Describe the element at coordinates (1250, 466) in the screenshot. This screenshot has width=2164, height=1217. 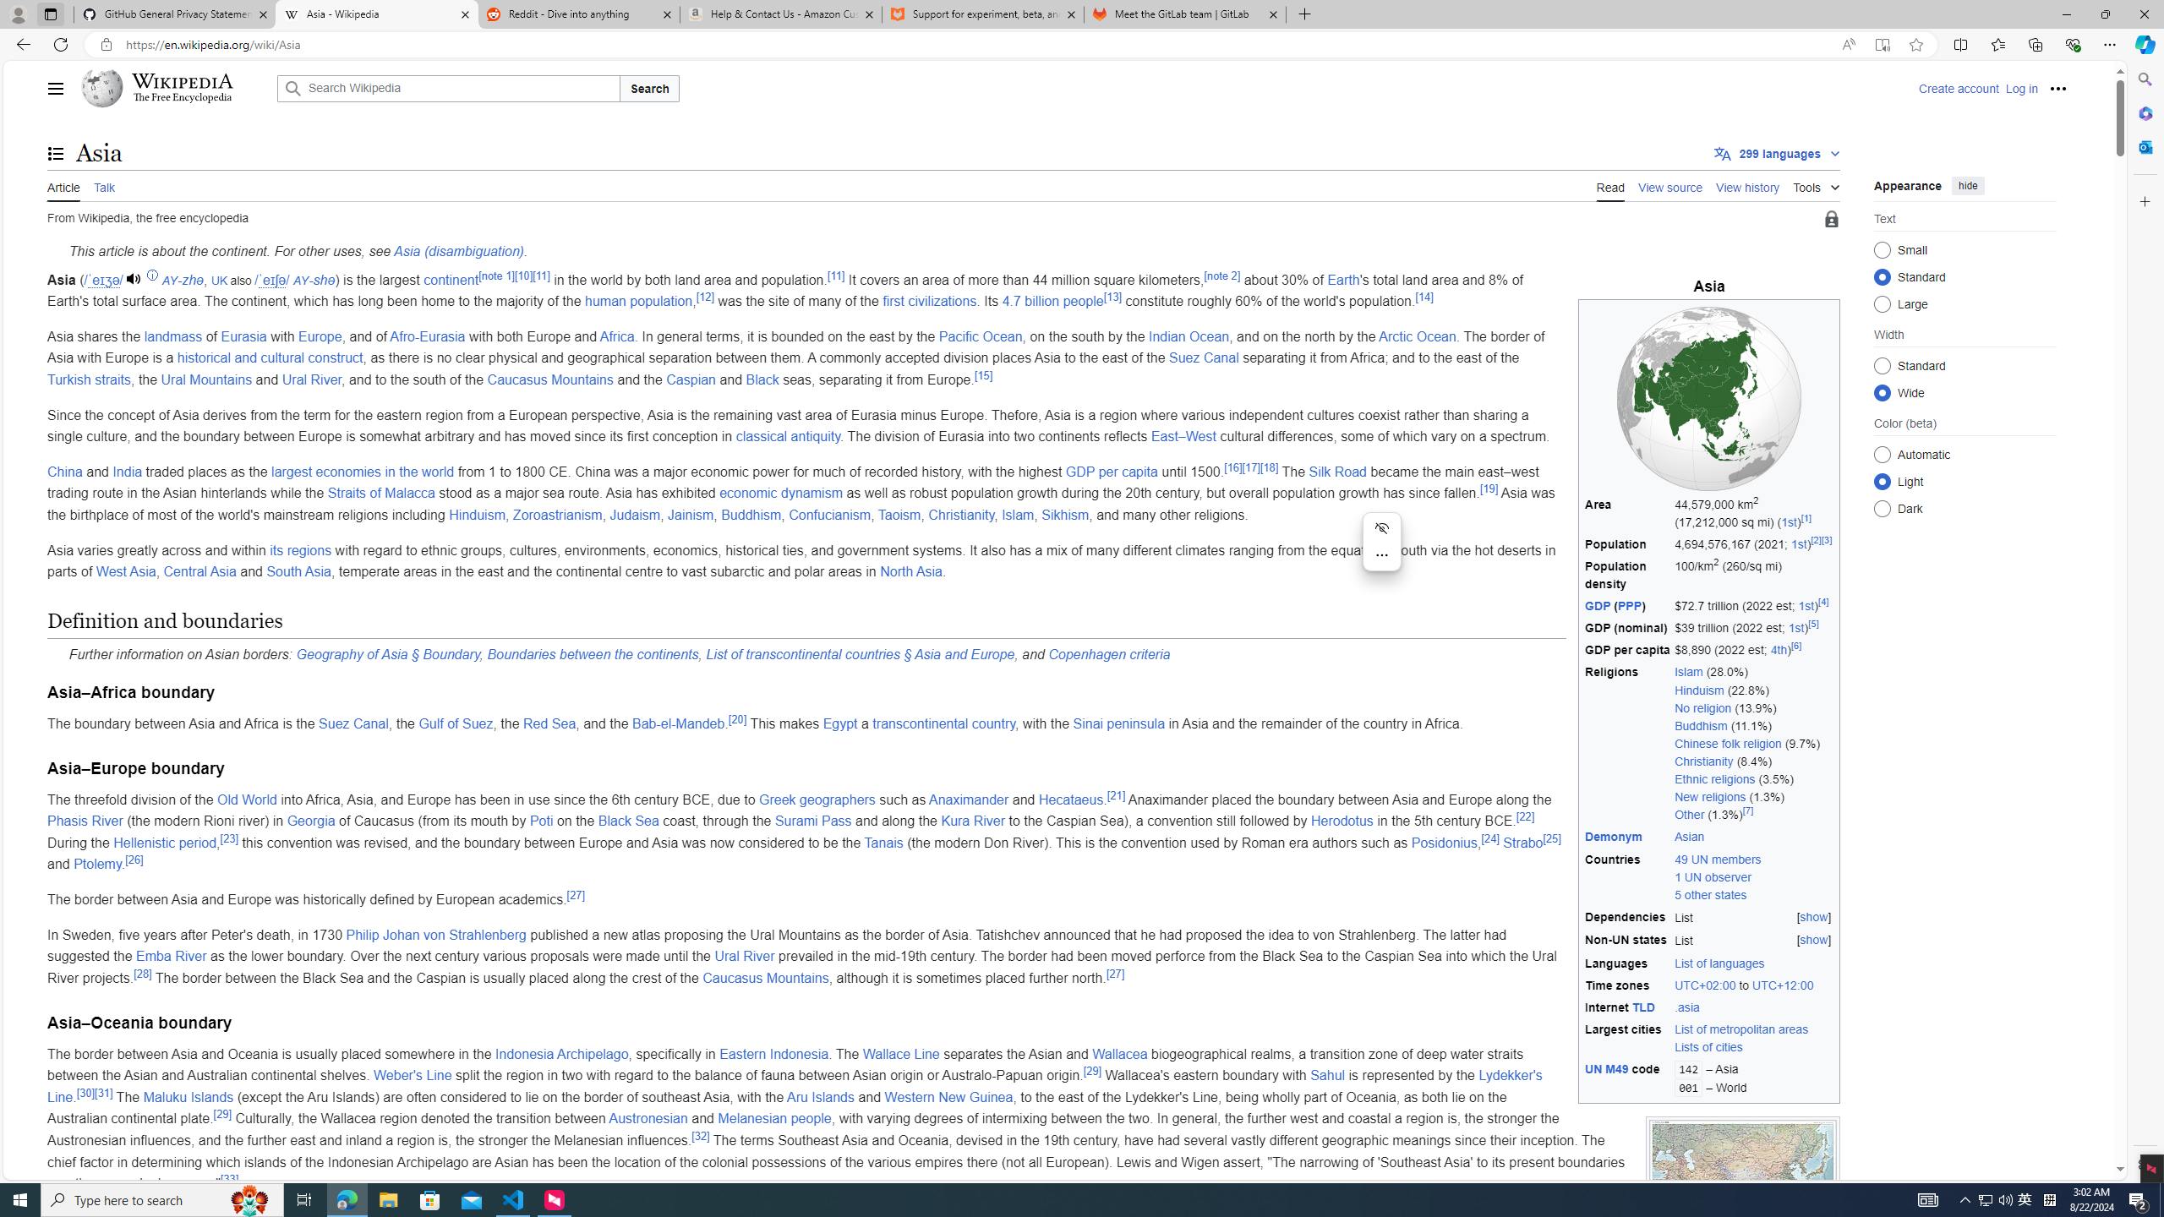
I see `'[17]'` at that location.